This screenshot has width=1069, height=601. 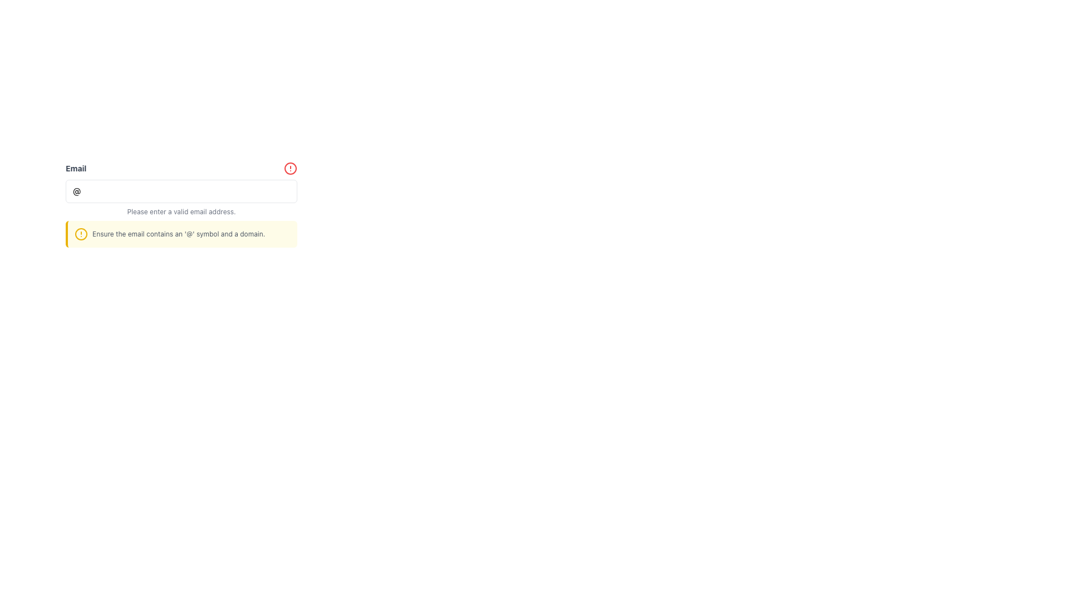 What do you see at coordinates (80, 233) in the screenshot?
I see `the alert icon located at the top left of the yellow-background message box for more information` at bounding box center [80, 233].